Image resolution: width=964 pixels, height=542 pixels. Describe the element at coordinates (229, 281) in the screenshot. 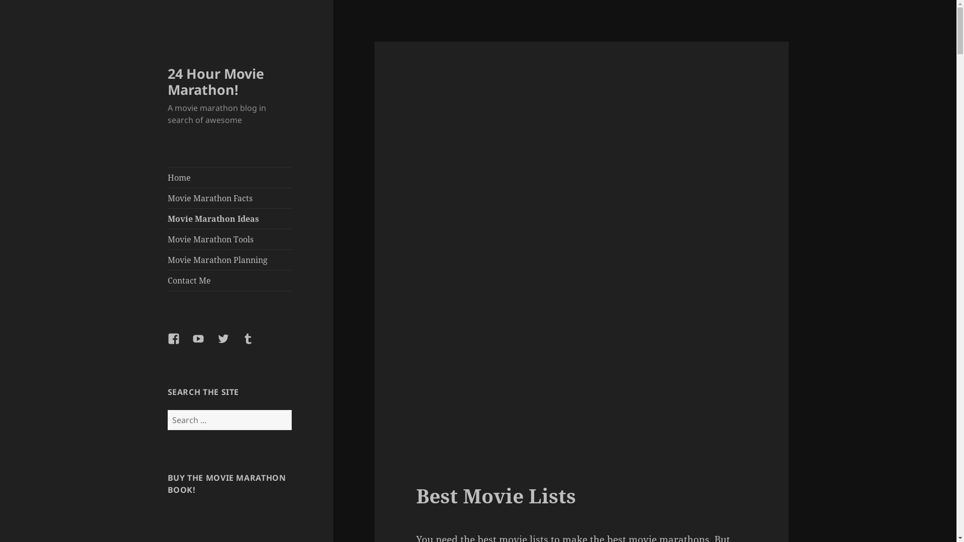

I see `'Contact Me'` at that location.